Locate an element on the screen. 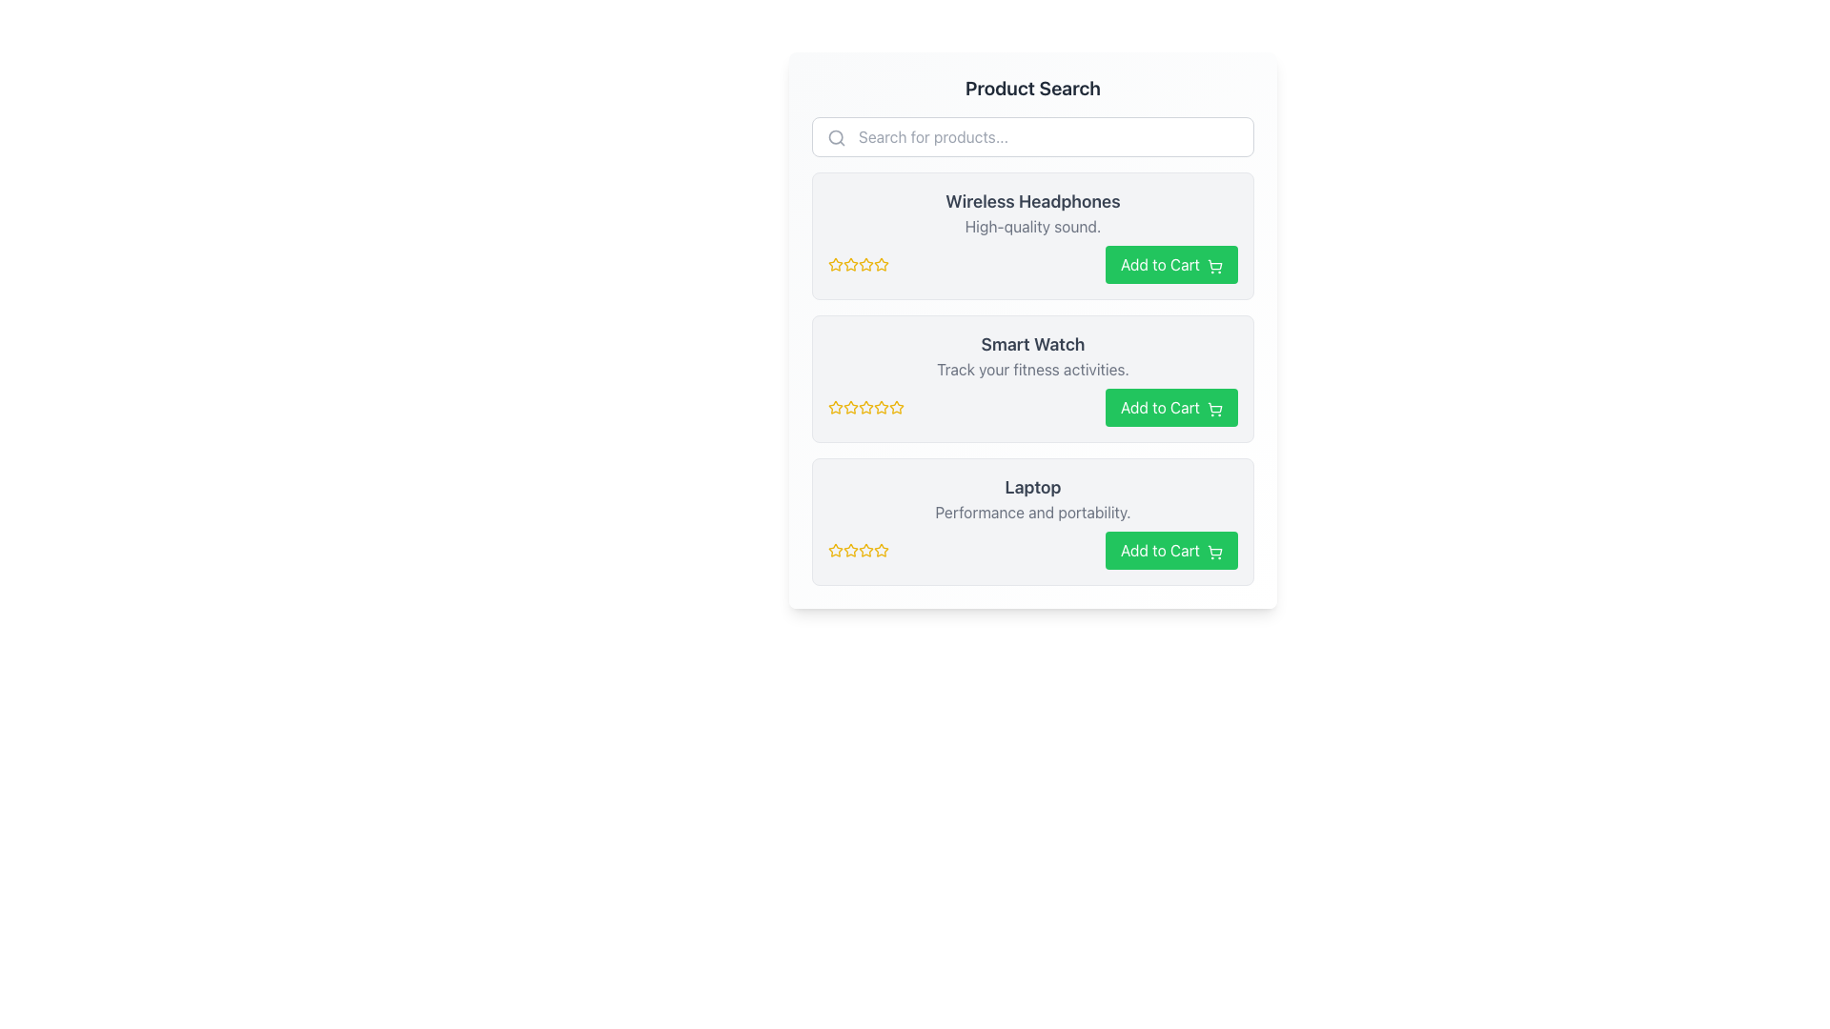 The width and height of the screenshot is (1830, 1029). the fourth rating star icon in the 5-star rating component for the 'Wireless Headphones' product, located to the left of the 'Add to Cart' button is located at coordinates (858, 264).